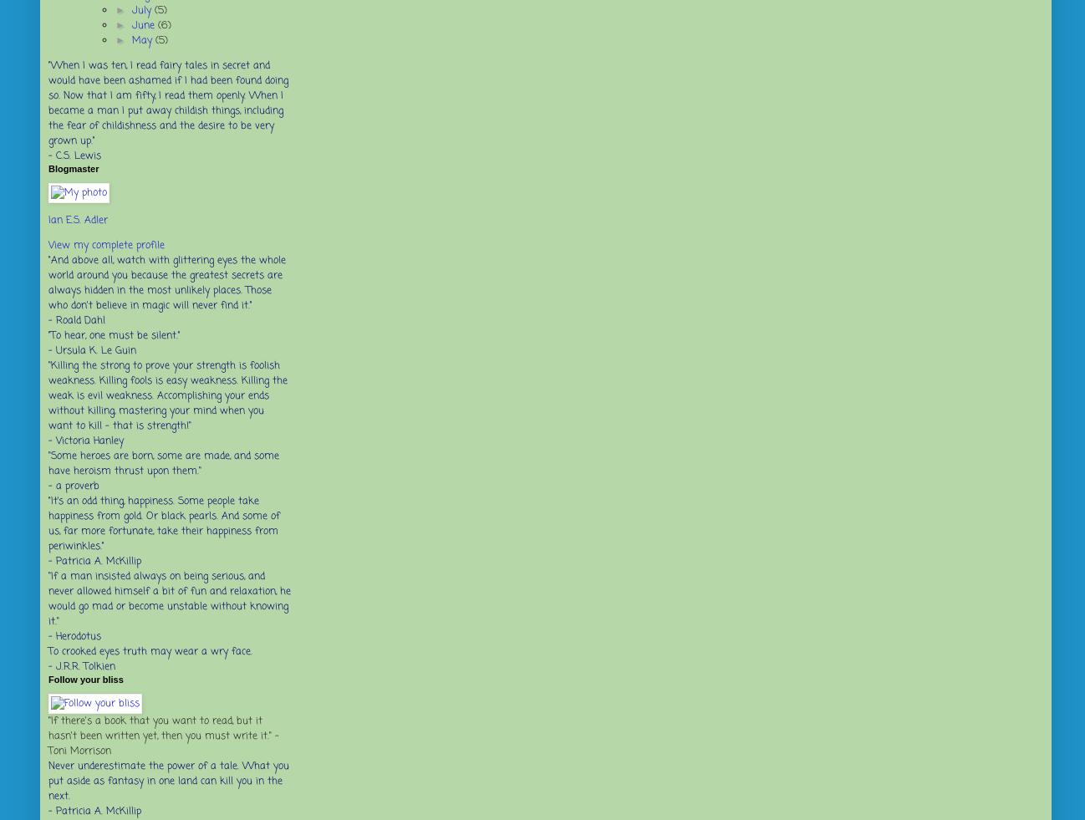  Describe the element at coordinates (55, 319) in the screenshot. I see `'Roald Dahl'` at that location.